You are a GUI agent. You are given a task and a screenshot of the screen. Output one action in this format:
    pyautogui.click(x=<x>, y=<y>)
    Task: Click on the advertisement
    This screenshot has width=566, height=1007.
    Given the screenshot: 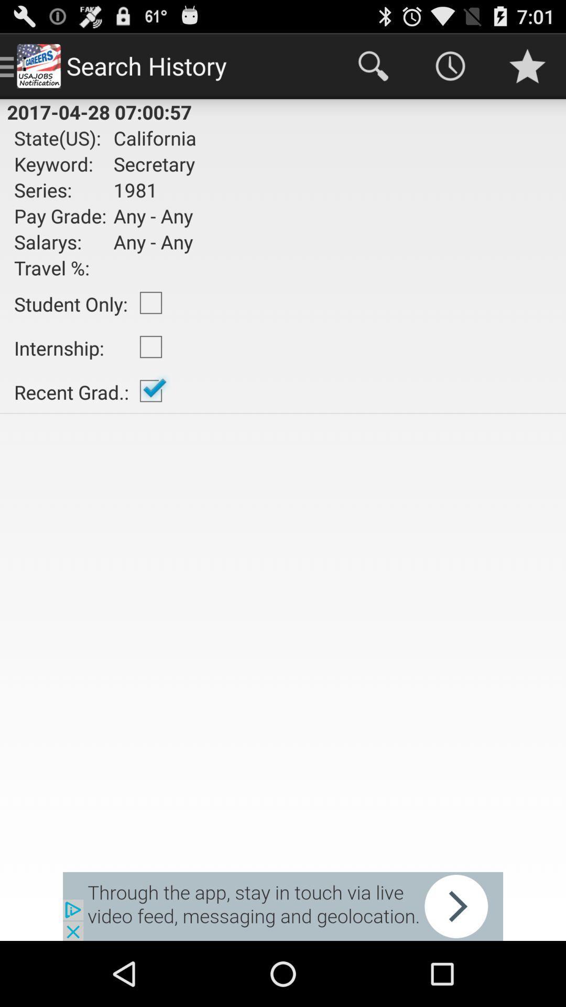 What is the action you would take?
    pyautogui.click(x=283, y=906)
    